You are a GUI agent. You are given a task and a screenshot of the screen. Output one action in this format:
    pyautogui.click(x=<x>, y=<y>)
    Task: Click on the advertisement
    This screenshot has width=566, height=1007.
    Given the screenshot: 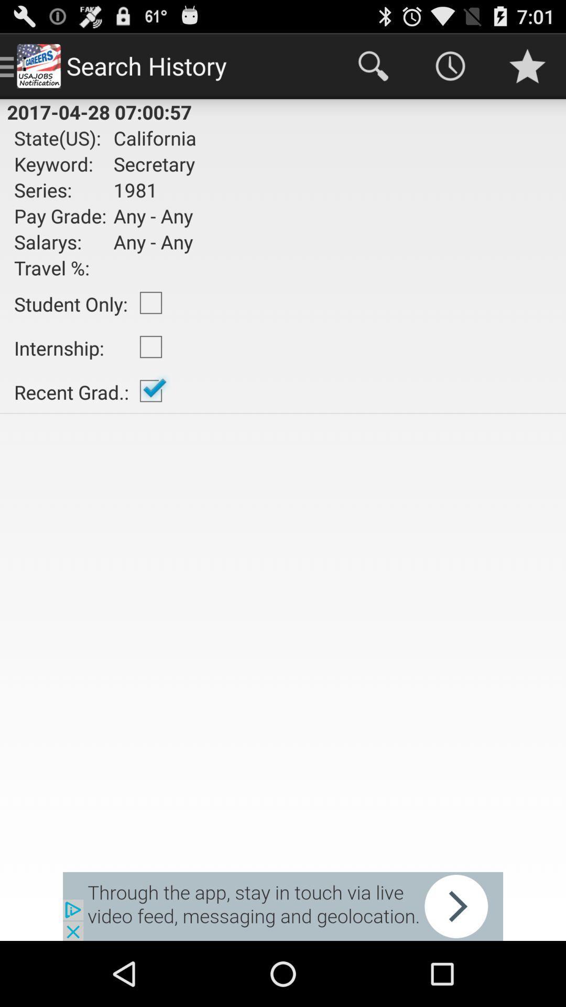 What is the action you would take?
    pyautogui.click(x=283, y=906)
    